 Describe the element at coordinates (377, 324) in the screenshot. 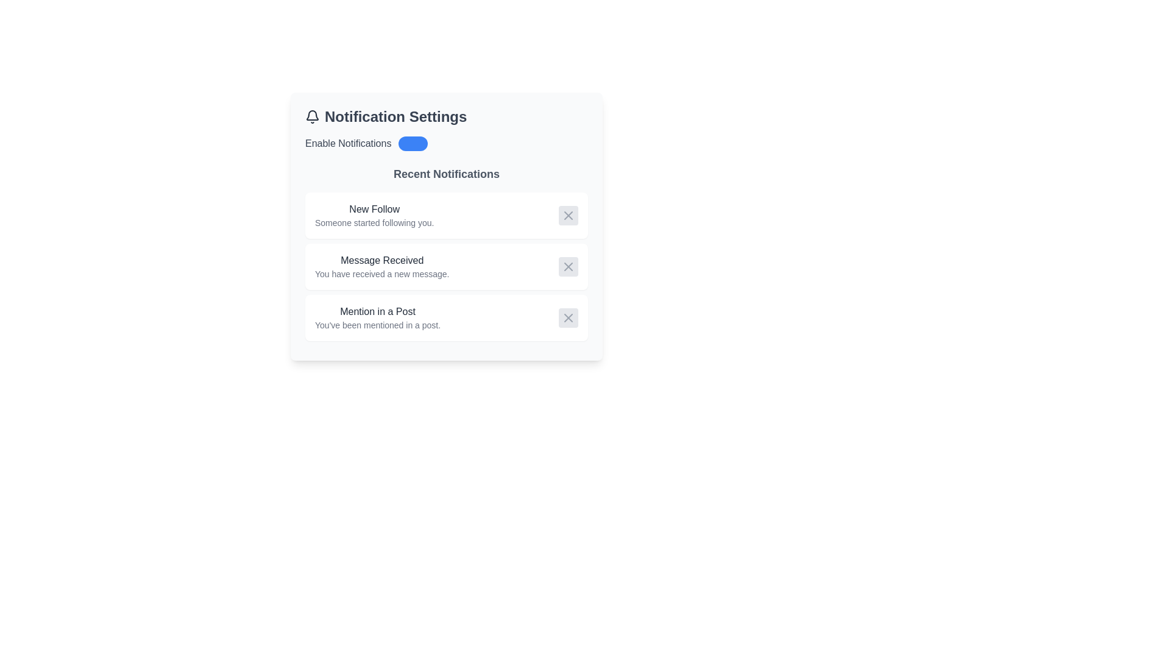

I see `the static text element styled as a secondary descriptor located within the 'Recent Notifications' section, which provides additional context for the 'Mention in a Post' notification` at that location.